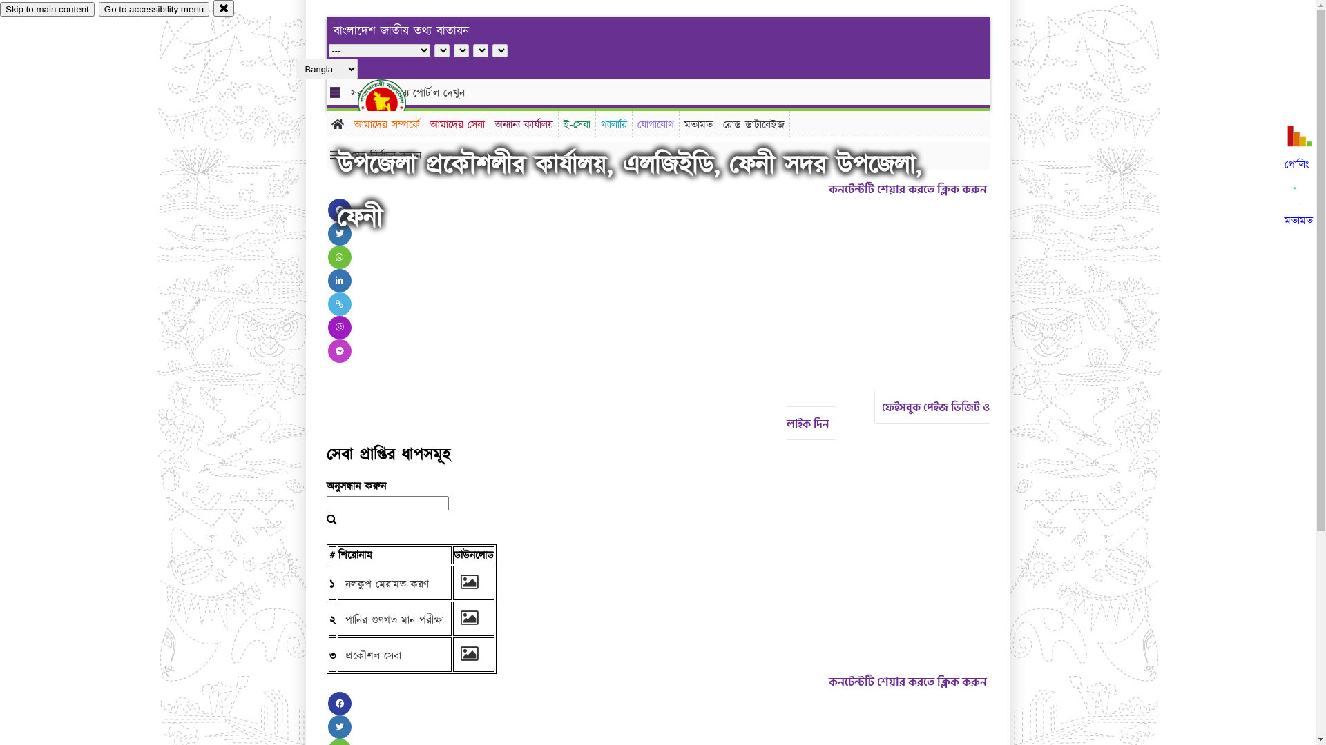 This screenshot has width=1326, height=745. What do you see at coordinates (460, 655) in the screenshot?
I see `'Stem_2.jpg'` at bounding box center [460, 655].